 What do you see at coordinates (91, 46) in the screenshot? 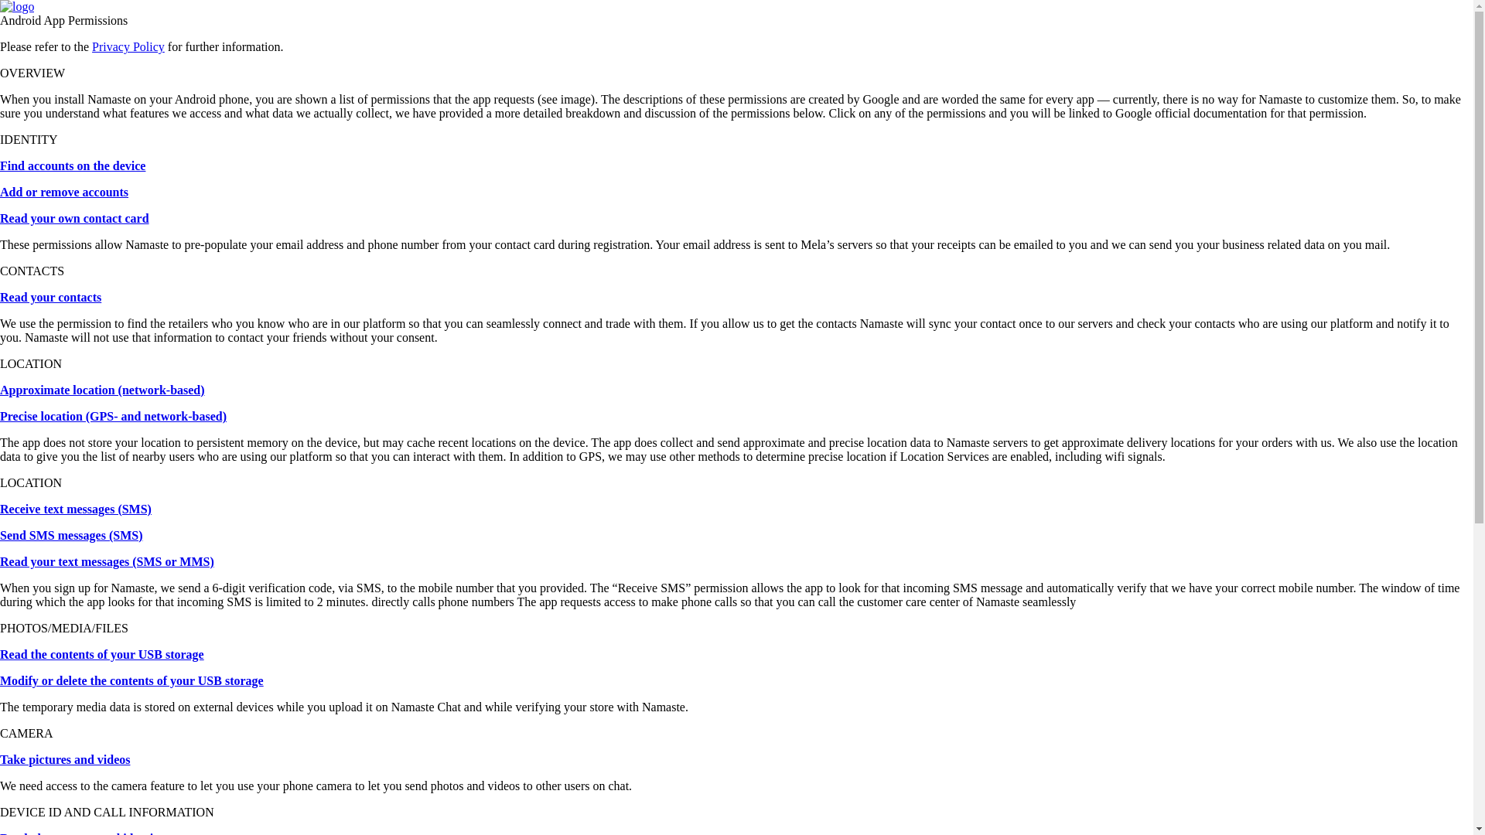
I see `'Privacy Policy'` at bounding box center [91, 46].